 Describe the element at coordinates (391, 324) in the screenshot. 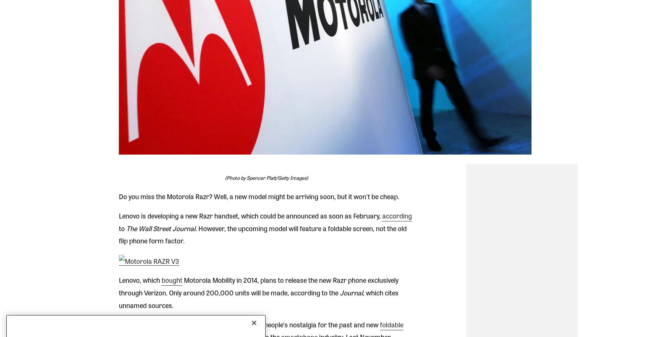

I see `'foldable'` at that location.